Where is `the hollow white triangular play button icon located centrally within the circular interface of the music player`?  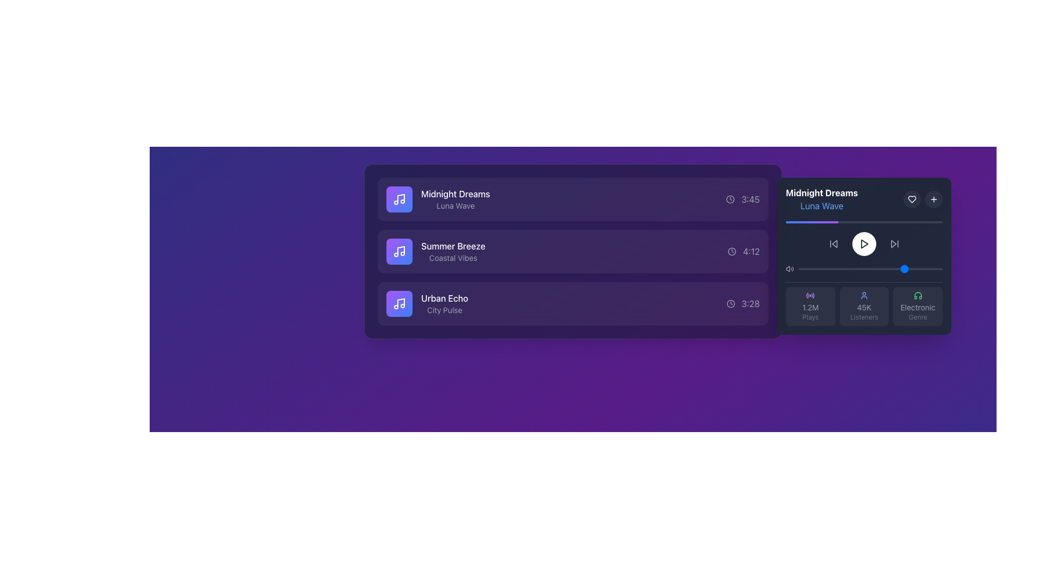
the hollow white triangular play button icon located centrally within the circular interface of the music player is located at coordinates (864, 243).